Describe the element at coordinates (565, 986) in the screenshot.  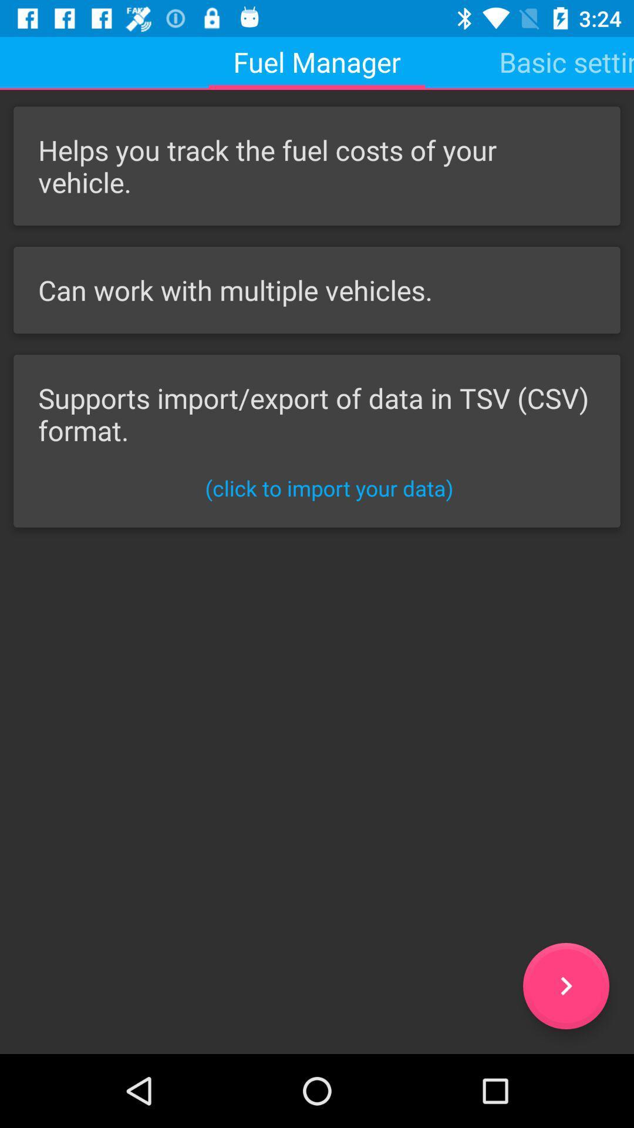
I see `the arrow_forward icon` at that location.